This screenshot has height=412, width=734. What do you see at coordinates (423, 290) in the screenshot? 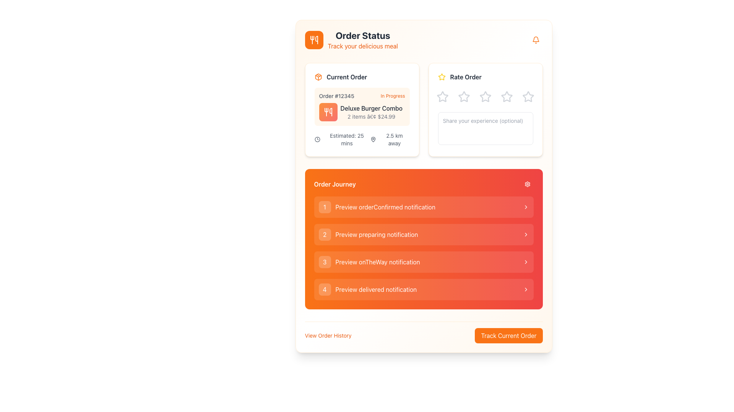
I see `the 'Preview delivered notification' button using keyboard navigation` at bounding box center [423, 290].